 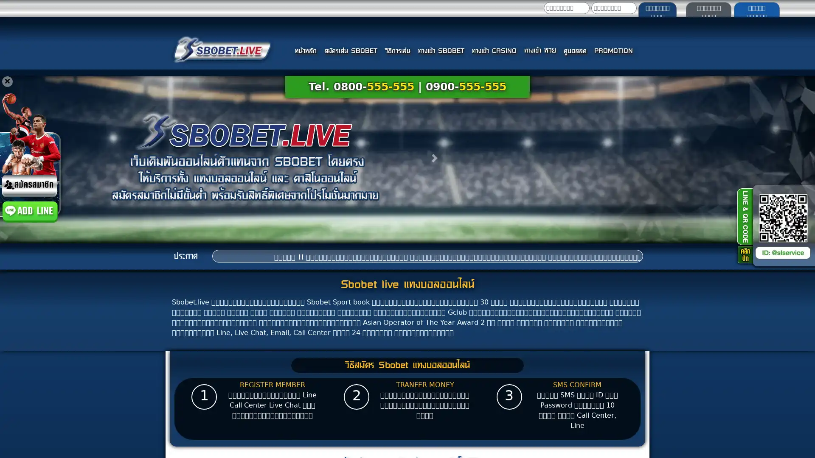 I want to click on Next, so click(x=436, y=158).